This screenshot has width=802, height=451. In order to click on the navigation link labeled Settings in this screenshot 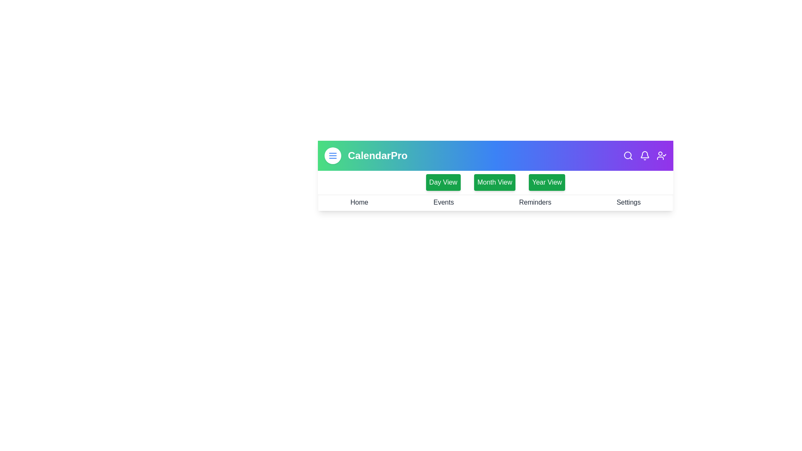, I will do `click(629, 203)`.